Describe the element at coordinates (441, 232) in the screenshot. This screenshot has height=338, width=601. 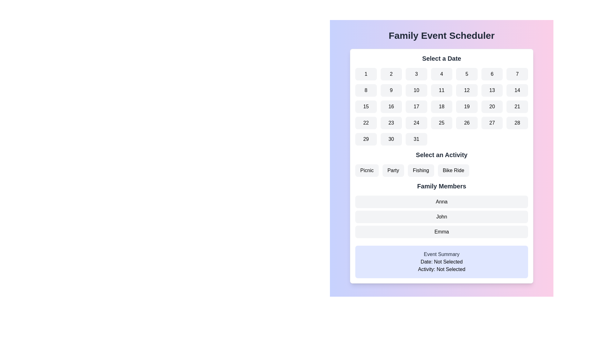
I see `the list item labeled 'Emma' in the 'Family Members' category` at that location.